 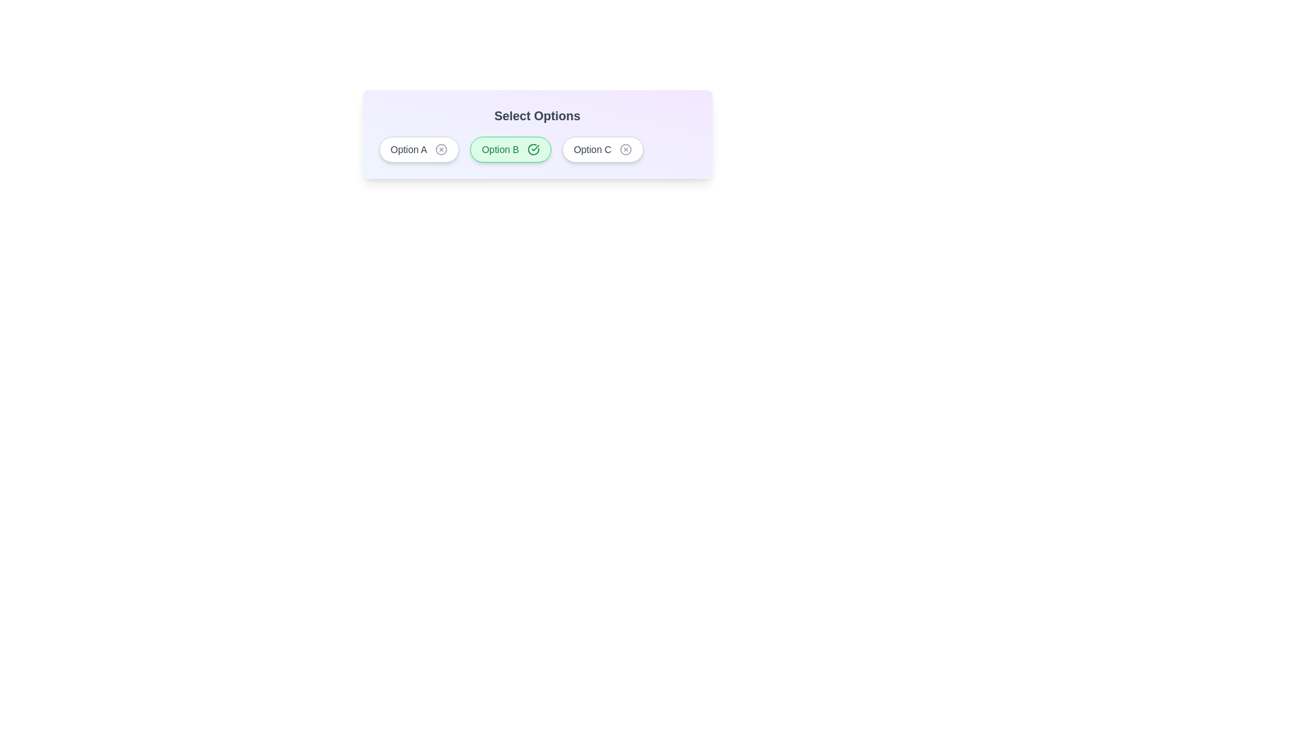 I want to click on the chip labeled Option B, so click(x=510, y=150).